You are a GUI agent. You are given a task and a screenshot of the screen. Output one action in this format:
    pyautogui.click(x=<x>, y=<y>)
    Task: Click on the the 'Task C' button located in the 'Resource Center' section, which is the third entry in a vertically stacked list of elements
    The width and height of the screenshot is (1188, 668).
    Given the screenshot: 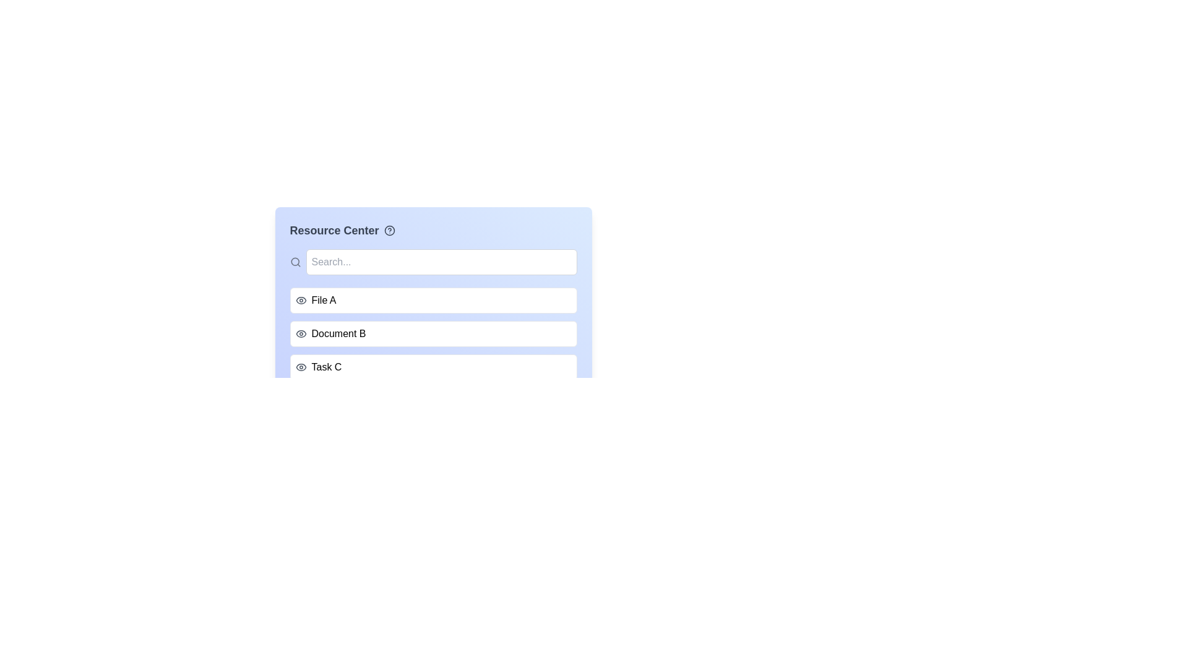 What is the action you would take?
    pyautogui.click(x=433, y=367)
    